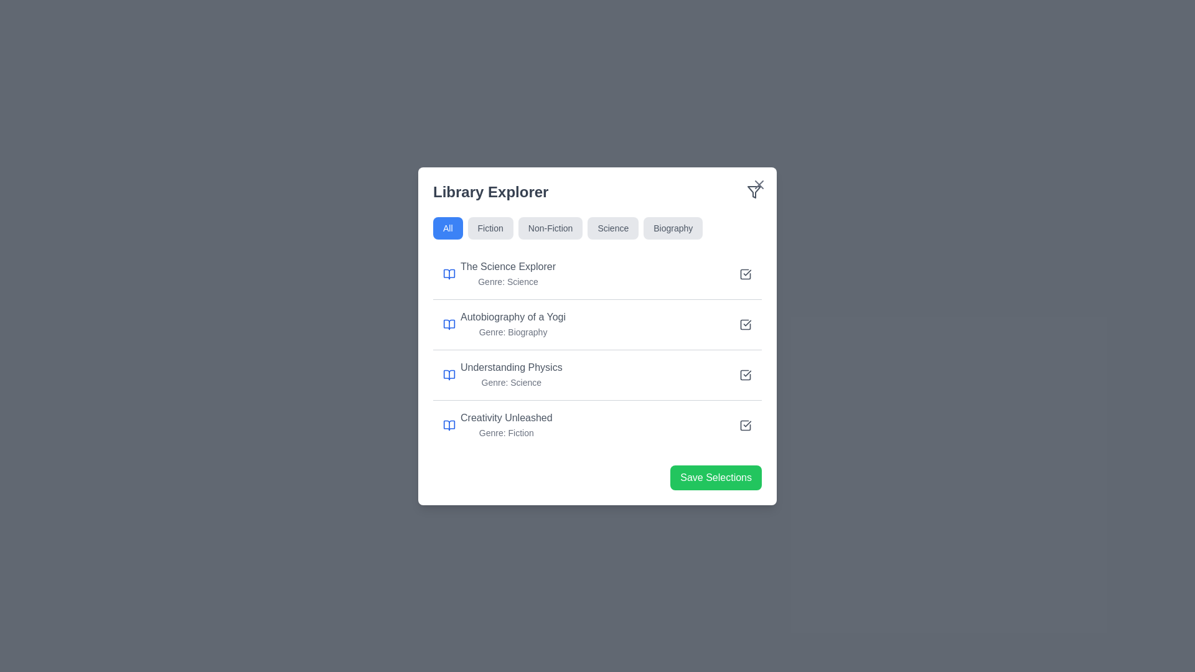 The height and width of the screenshot is (672, 1195). Describe the element at coordinates (746, 273) in the screenshot. I see `the checkbox for 'The Science Explorer - Genre: Science'` at that location.